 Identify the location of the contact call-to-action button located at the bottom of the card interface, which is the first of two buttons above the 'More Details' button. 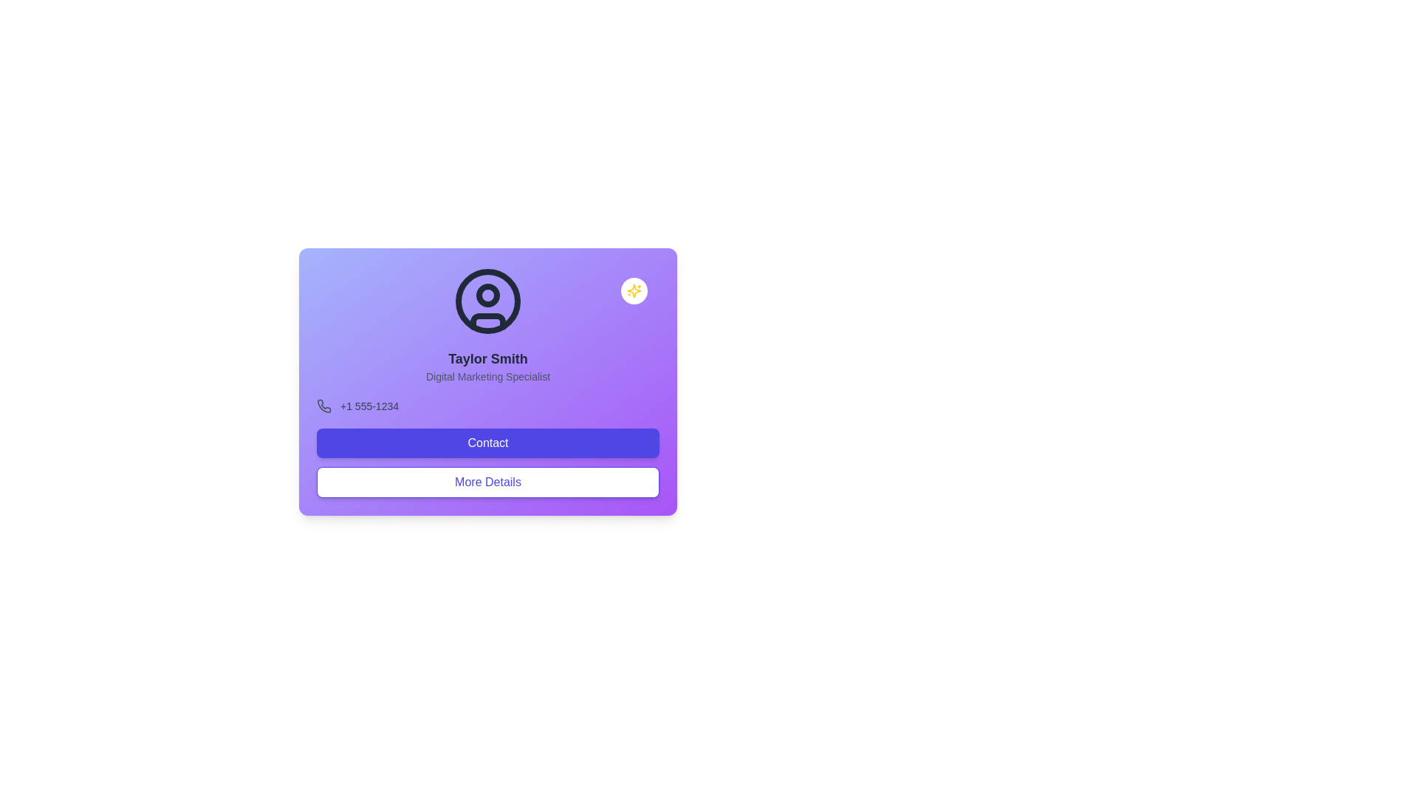
(488, 463).